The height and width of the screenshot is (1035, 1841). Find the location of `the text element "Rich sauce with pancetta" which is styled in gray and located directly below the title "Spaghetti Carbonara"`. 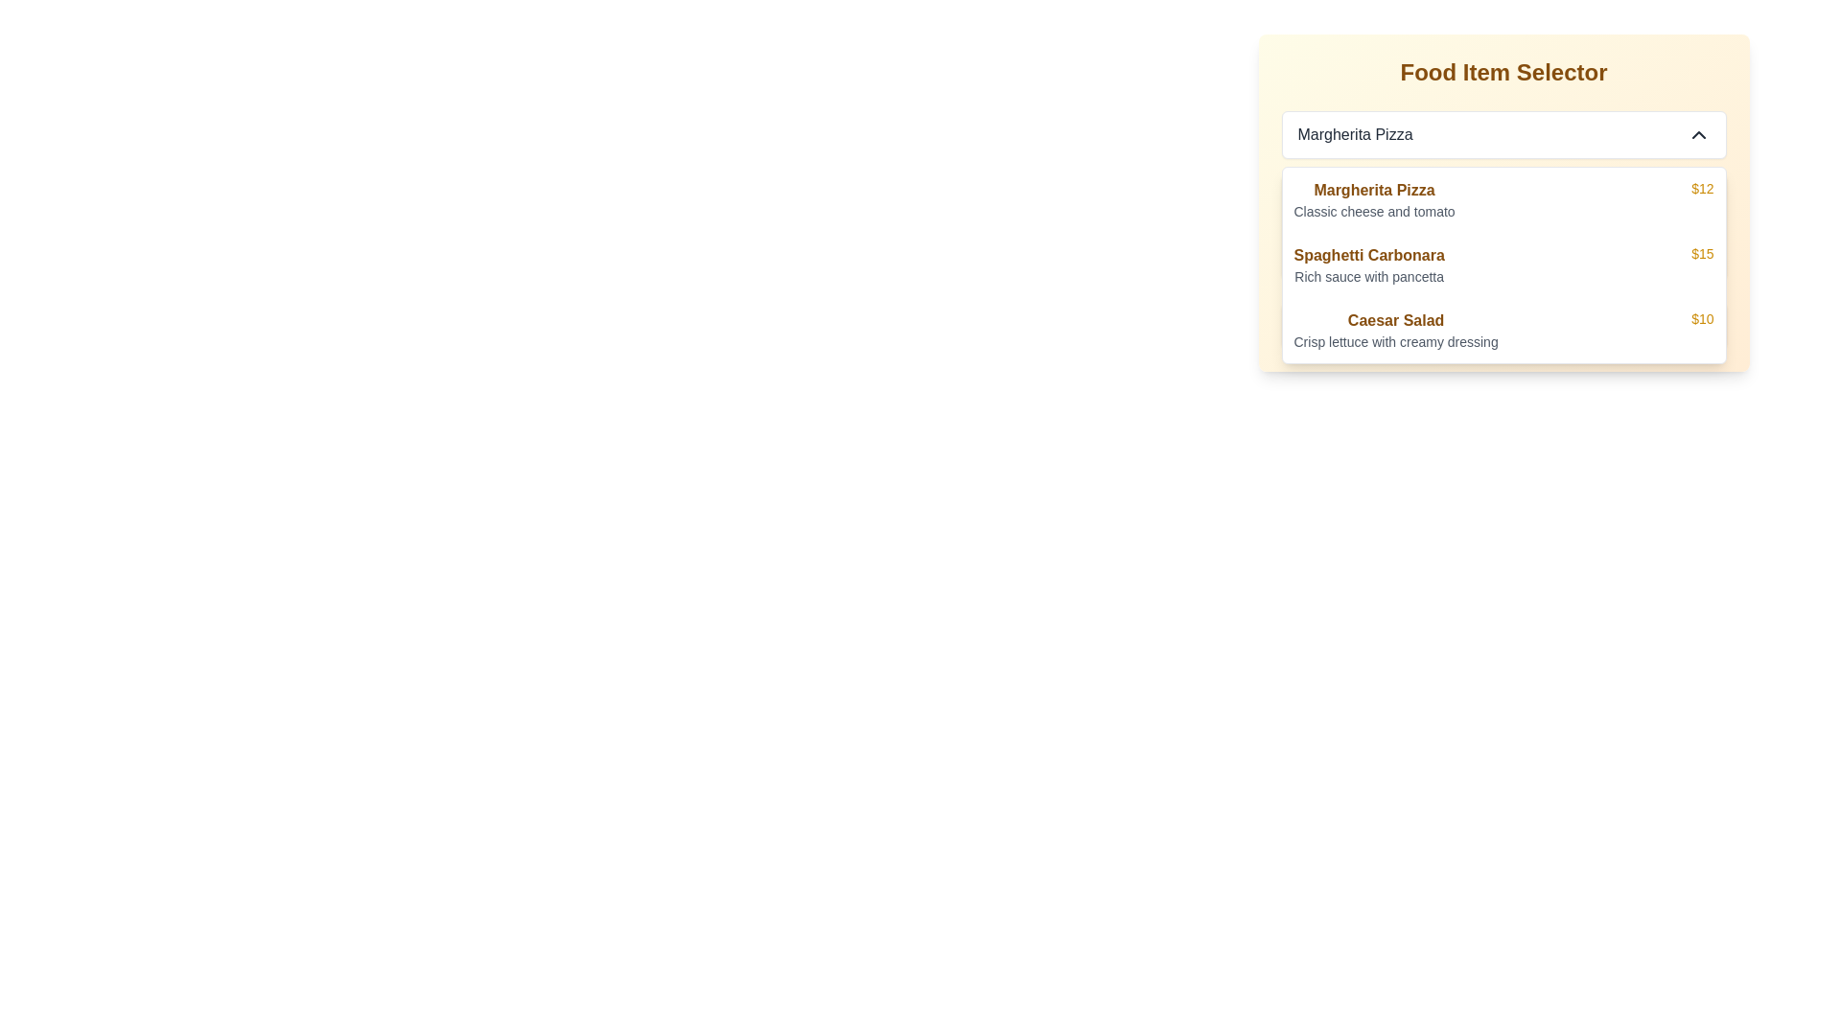

the text element "Rich sauce with pancetta" which is styled in gray and located directly below the title "Spaghetti Carbonara" is located at coordinates (1368, 277).